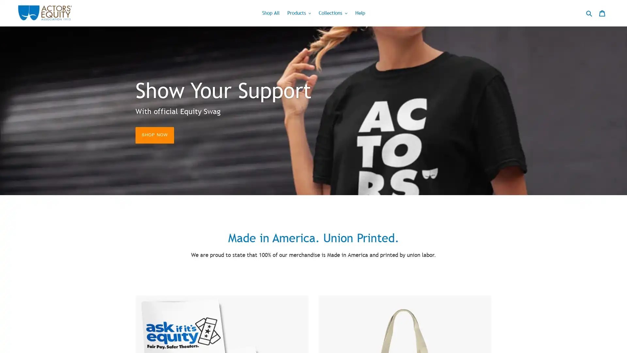 The height and width of the screenshot is (353, 627). Describe the element at coordinates (298, 13) in the screenshot. I see `Products` at that location.